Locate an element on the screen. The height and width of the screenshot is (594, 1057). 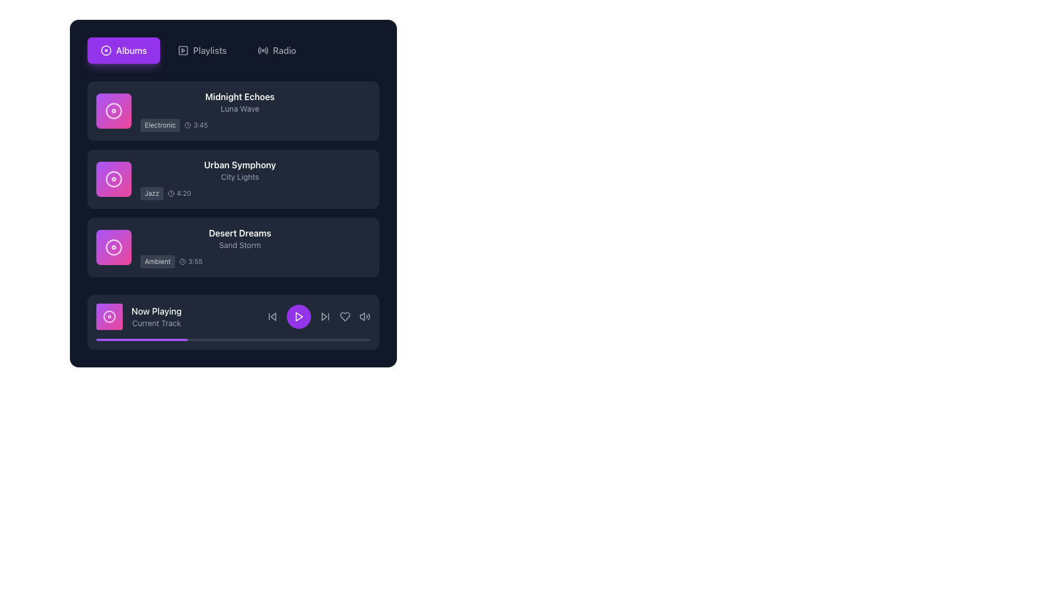
the navigation button labeled 'Radio' to switch the current view or operation mode to 'Radio'. This button is the third option in the horizontal navigation section titled 'Albums Playlists Radio', positioned to the right of 'Playlists' is located at coordinates (277, 51).